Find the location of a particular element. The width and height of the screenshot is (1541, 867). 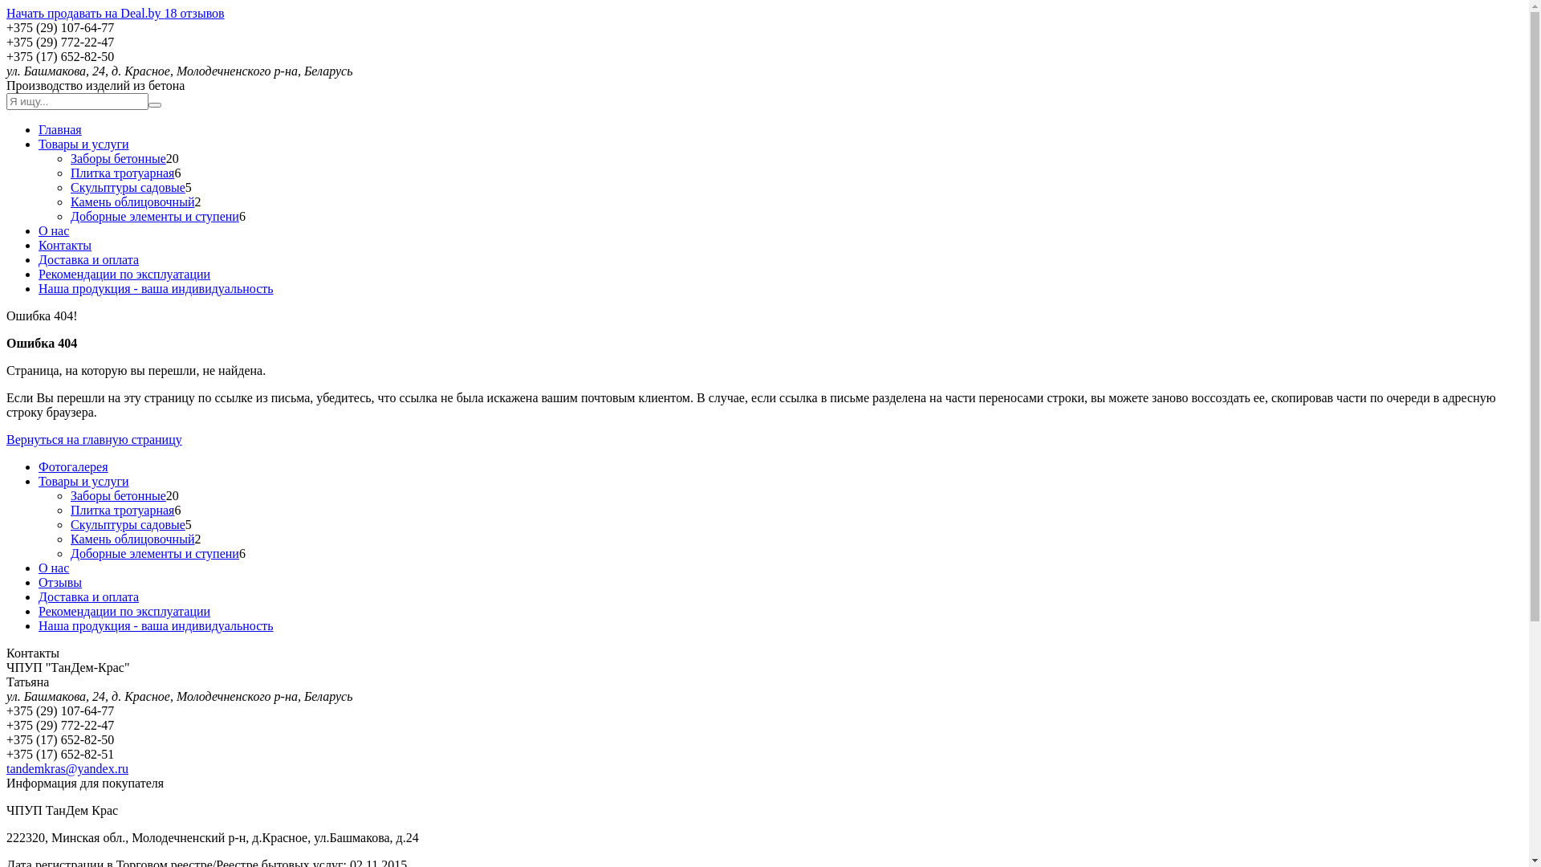

'tandemkras@yandex.ru' is located at coordinates (66, 767).